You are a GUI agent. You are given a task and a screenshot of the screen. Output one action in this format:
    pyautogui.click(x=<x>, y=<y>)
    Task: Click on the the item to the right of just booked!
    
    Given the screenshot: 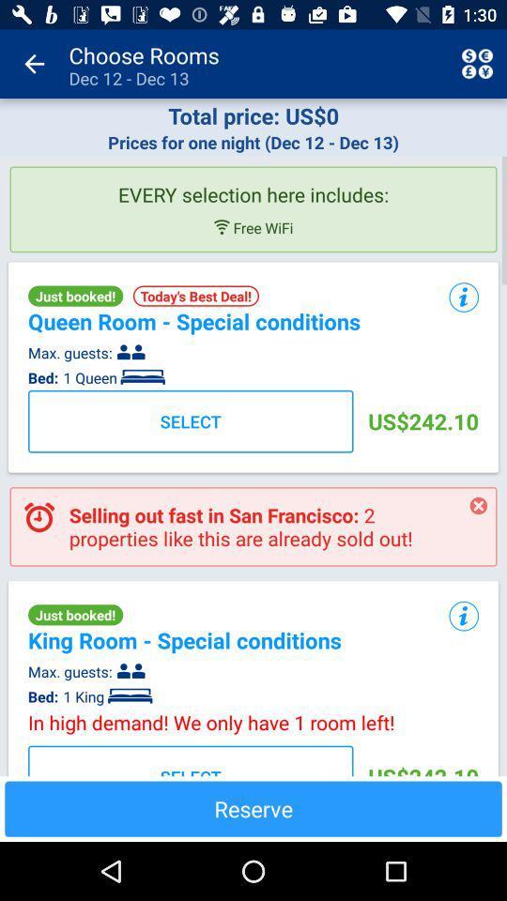 What is the action you would take?
    pyautogui.click(x=194, y=296)
    